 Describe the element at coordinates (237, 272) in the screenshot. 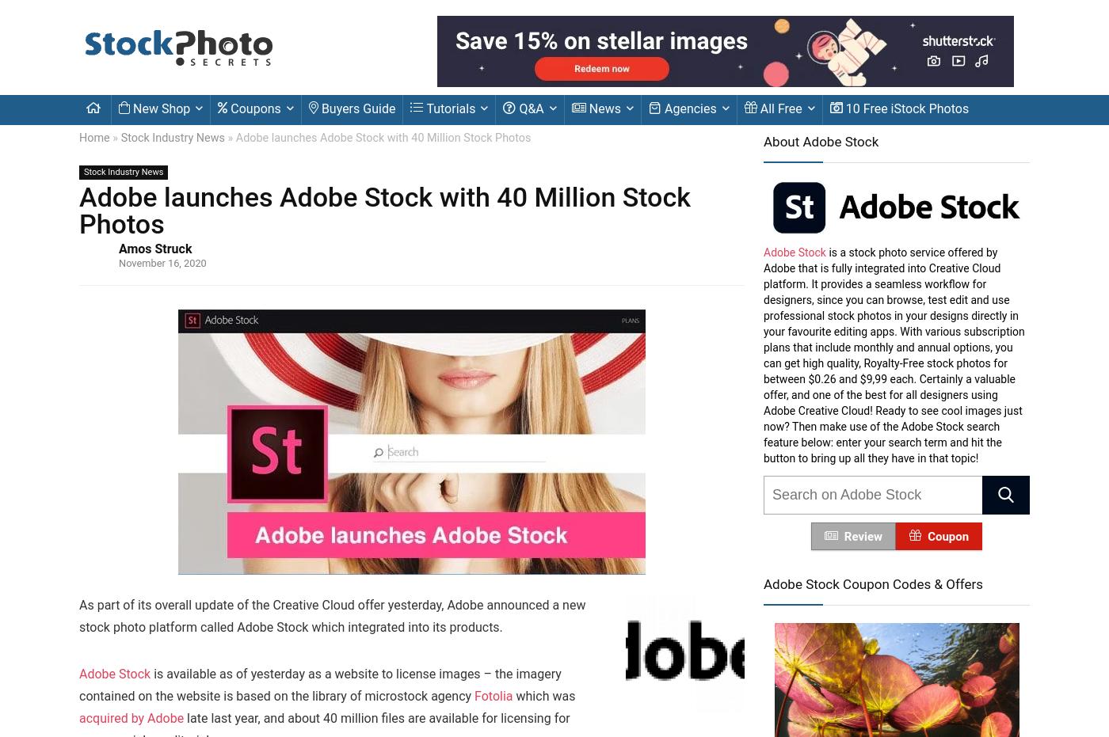

I see `'Adobe Stock review'` at that location.